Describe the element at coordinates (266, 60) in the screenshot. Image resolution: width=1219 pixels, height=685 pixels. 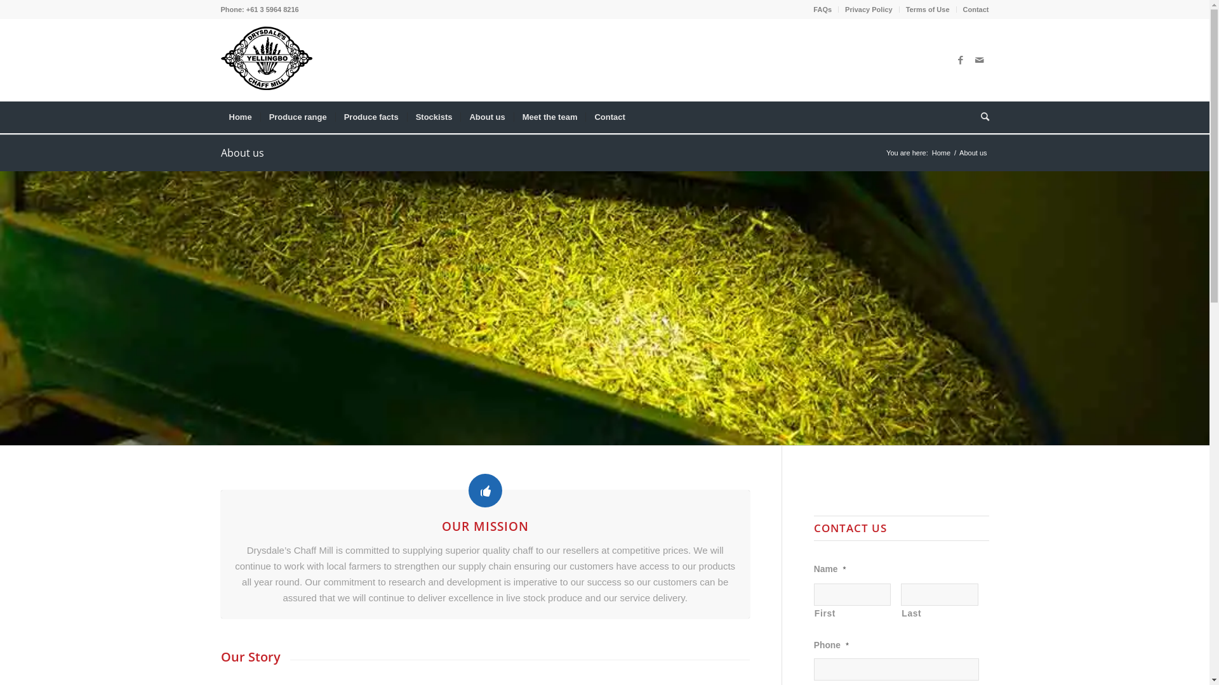
I see `'DCM-logo-for-website'` at that location.